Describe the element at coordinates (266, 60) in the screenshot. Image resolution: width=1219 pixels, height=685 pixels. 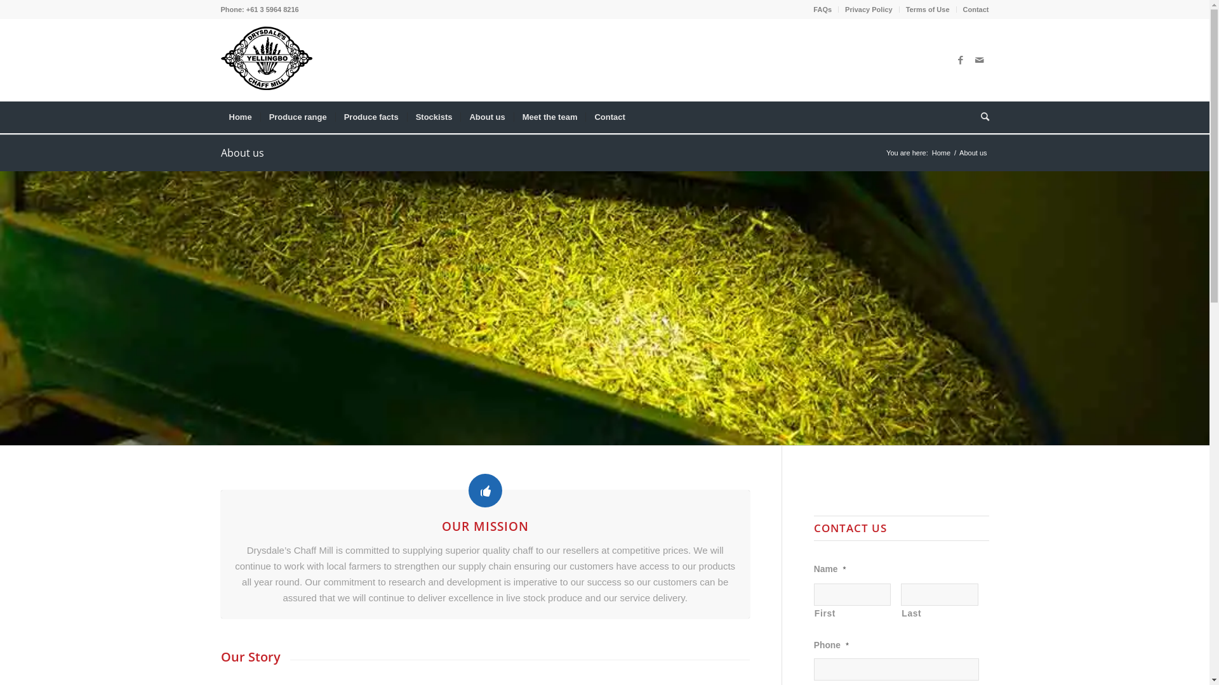
I see `'DCM-logo-for-website'` at that location.